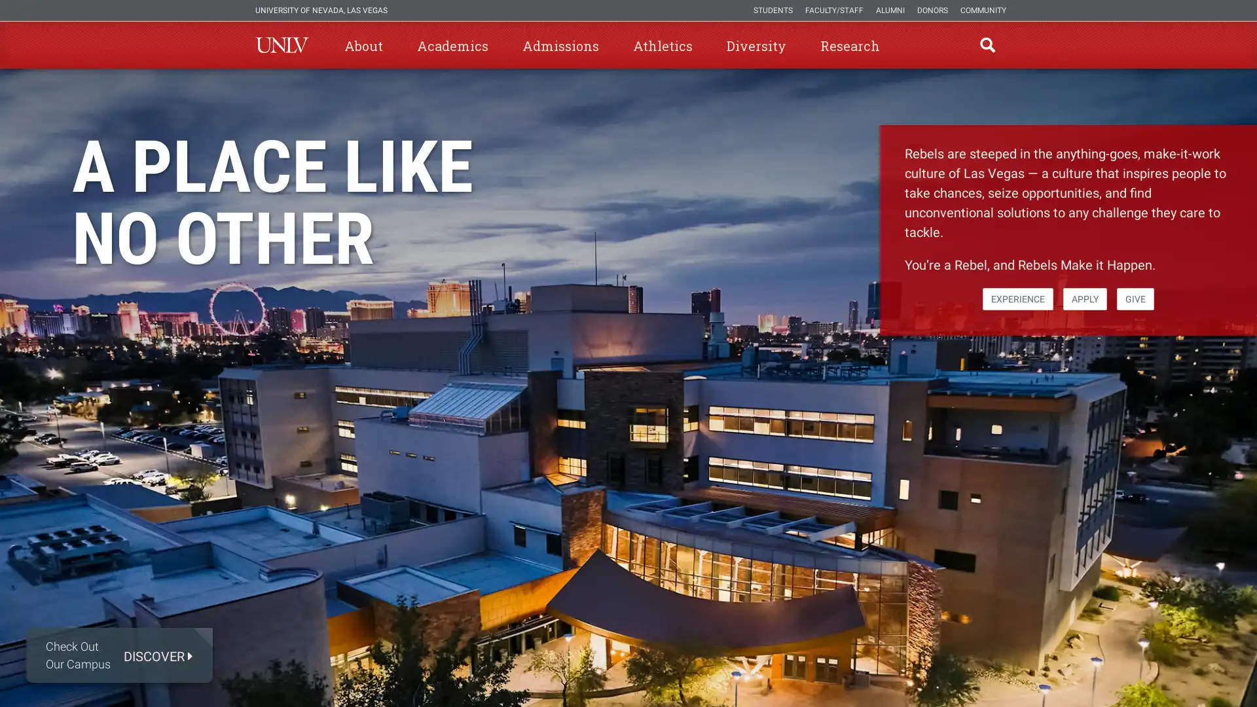  Describe the element at coordinates (987, 45) in the screenshot. I see `open find region` at that location.